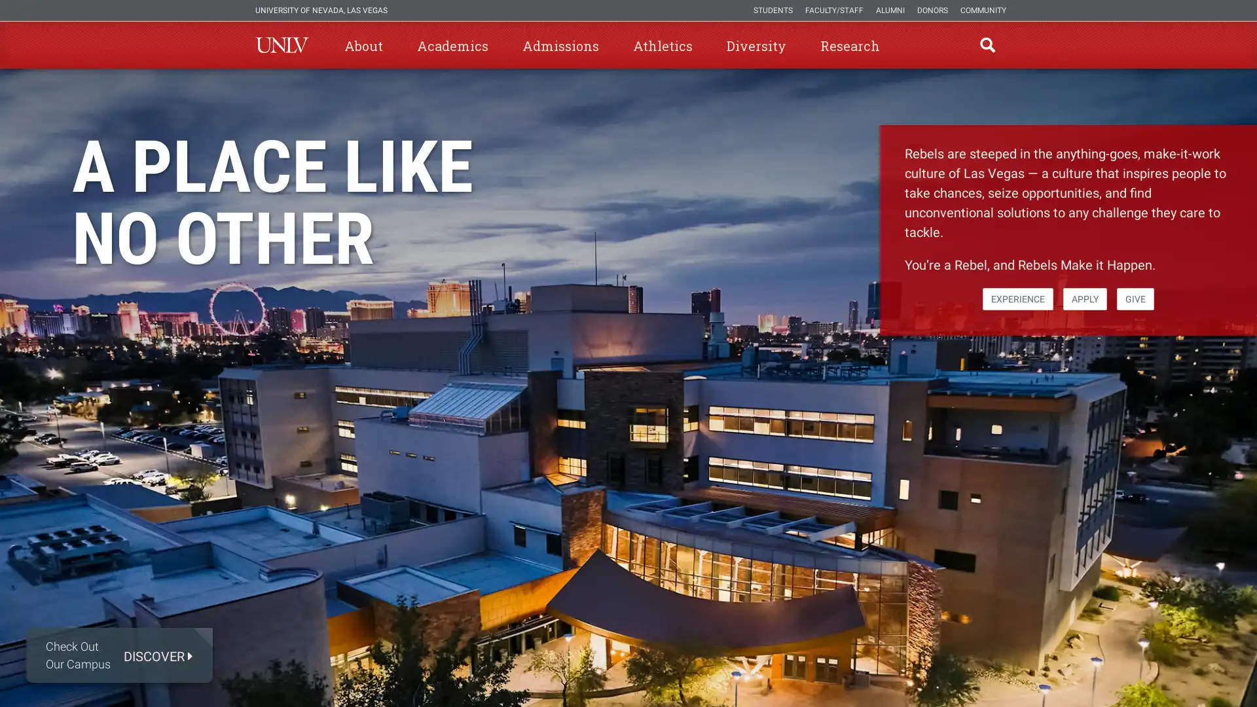  Describe the element at coordinates (987, 45) in the screenshot. I see `open find region` at that location.